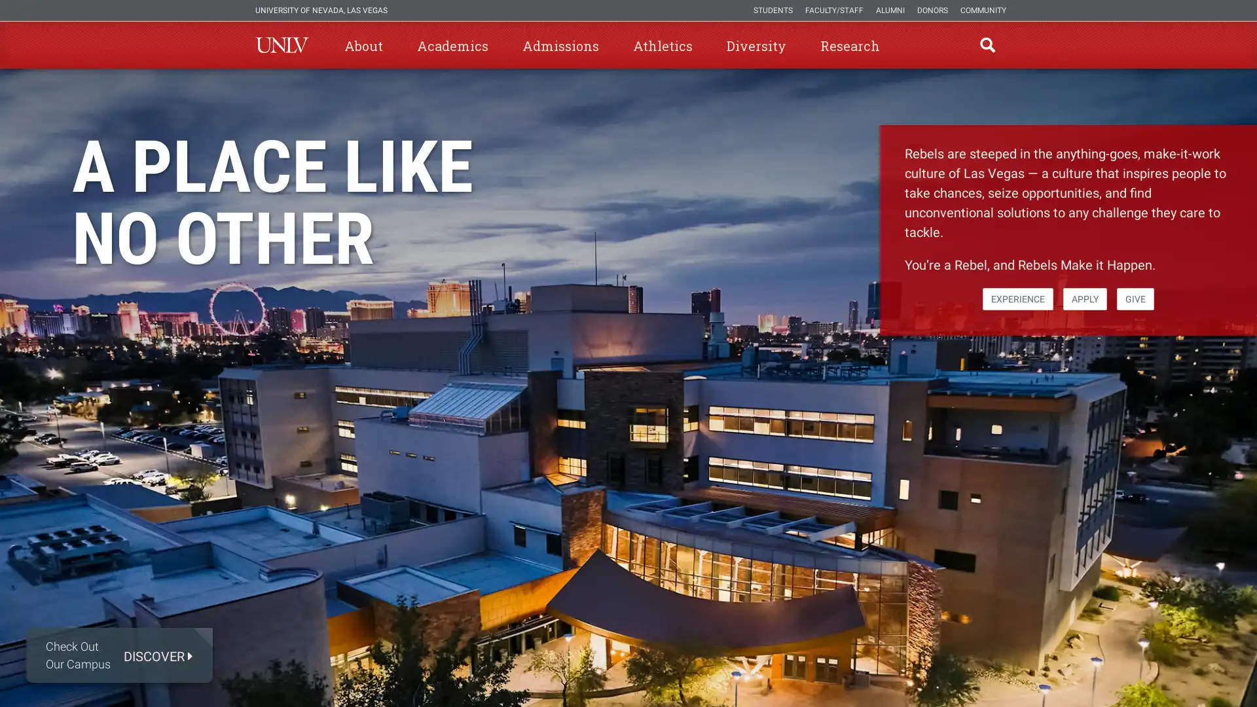  Describe the element at coordinates (987, 45) in the screenshot. I see `open find region` at that location.